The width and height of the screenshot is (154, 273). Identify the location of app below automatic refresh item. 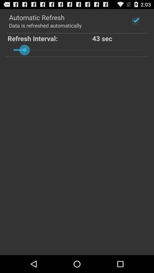
(45, 25).